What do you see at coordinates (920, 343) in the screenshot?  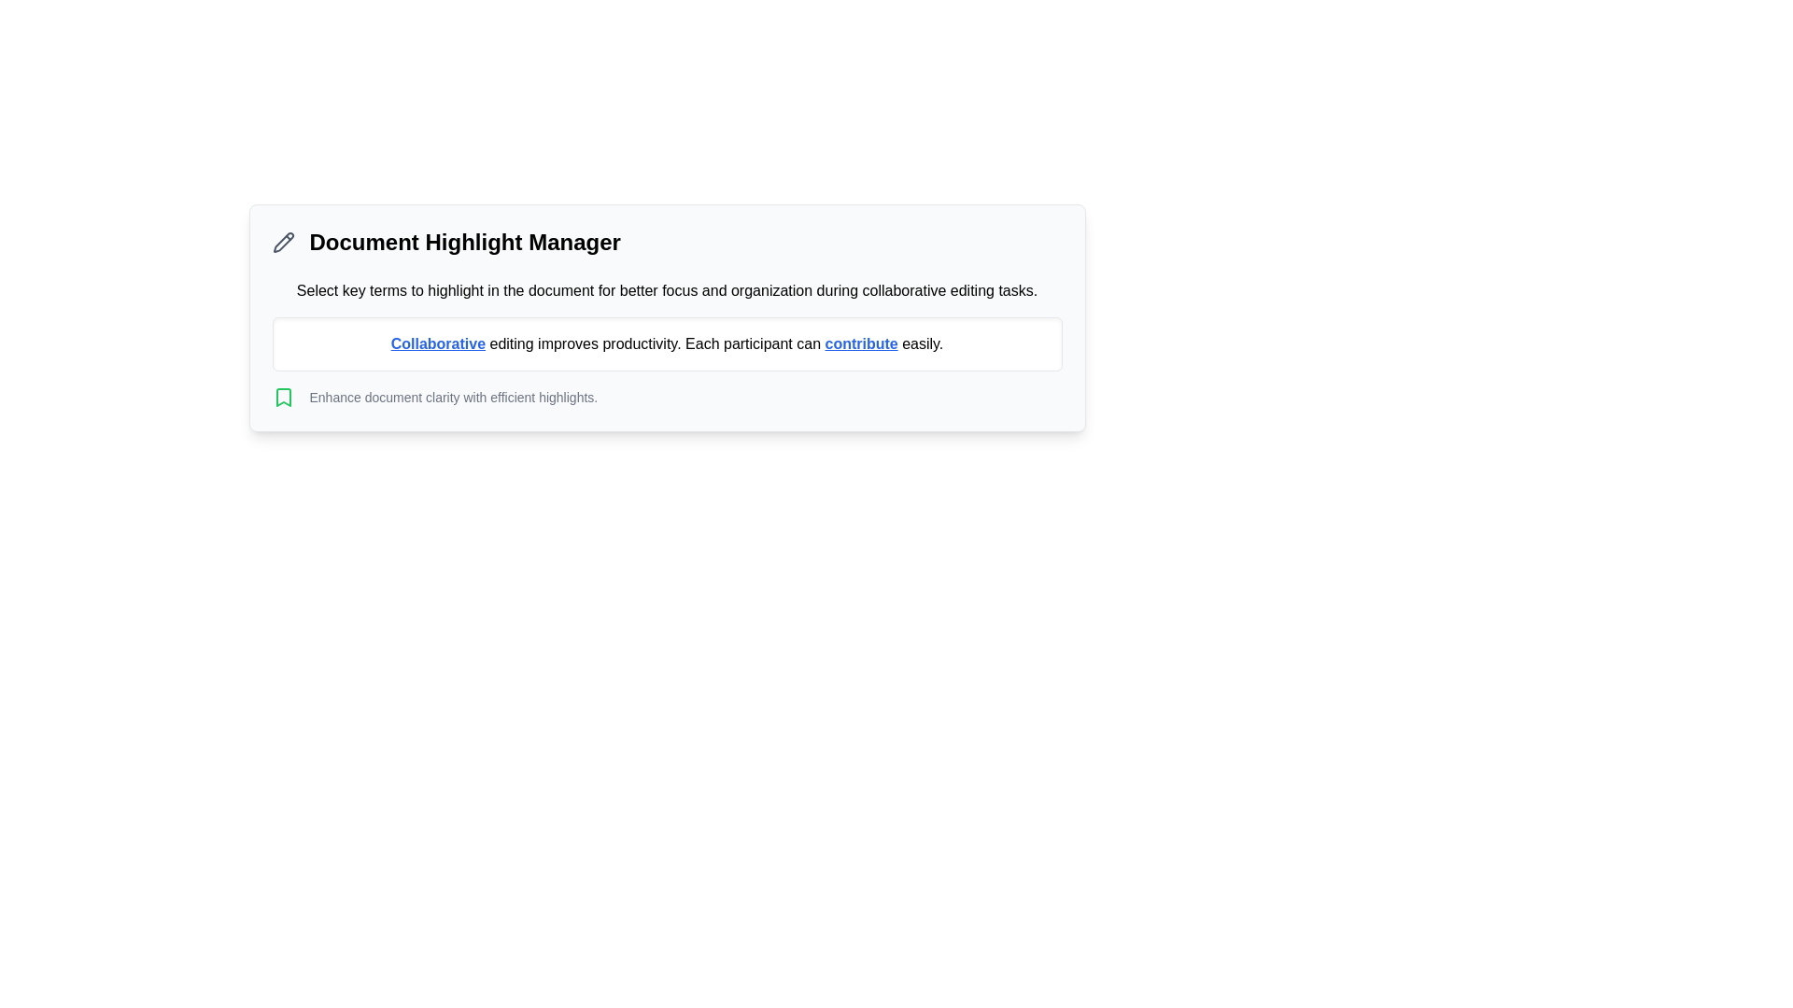 I see `on the word 'easily.' which is the last word in a sentence styled in default font without additional styling` at bounding box center [920, 343].